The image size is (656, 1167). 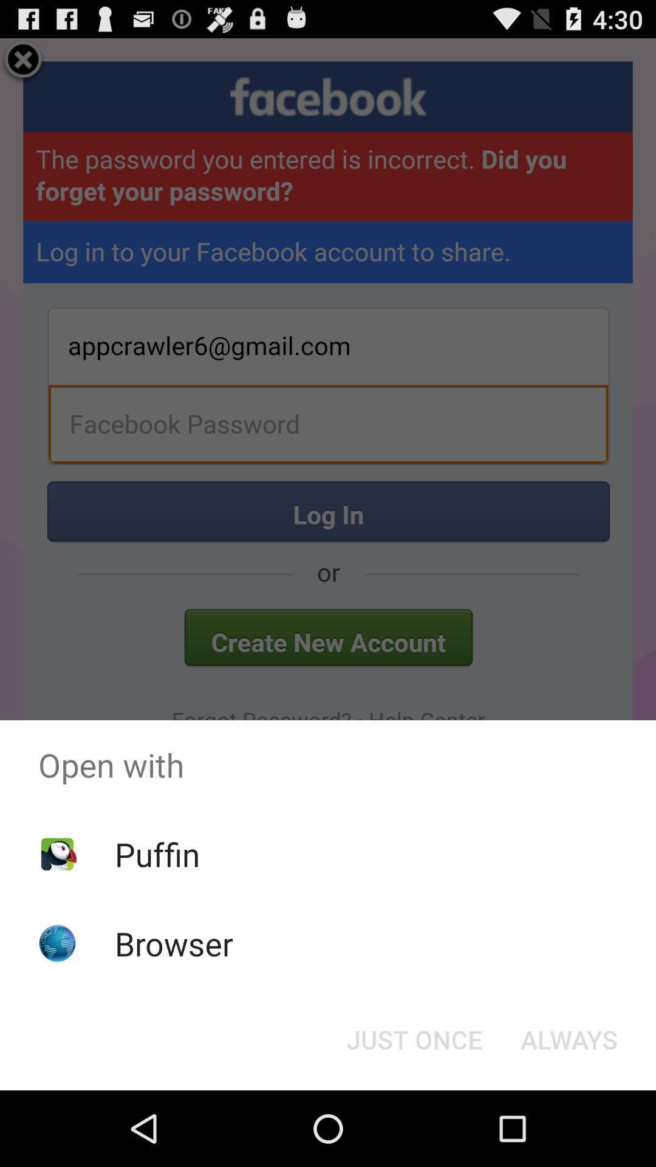 I want to click on the just once at the bottom, so click(x=414, y=1038).